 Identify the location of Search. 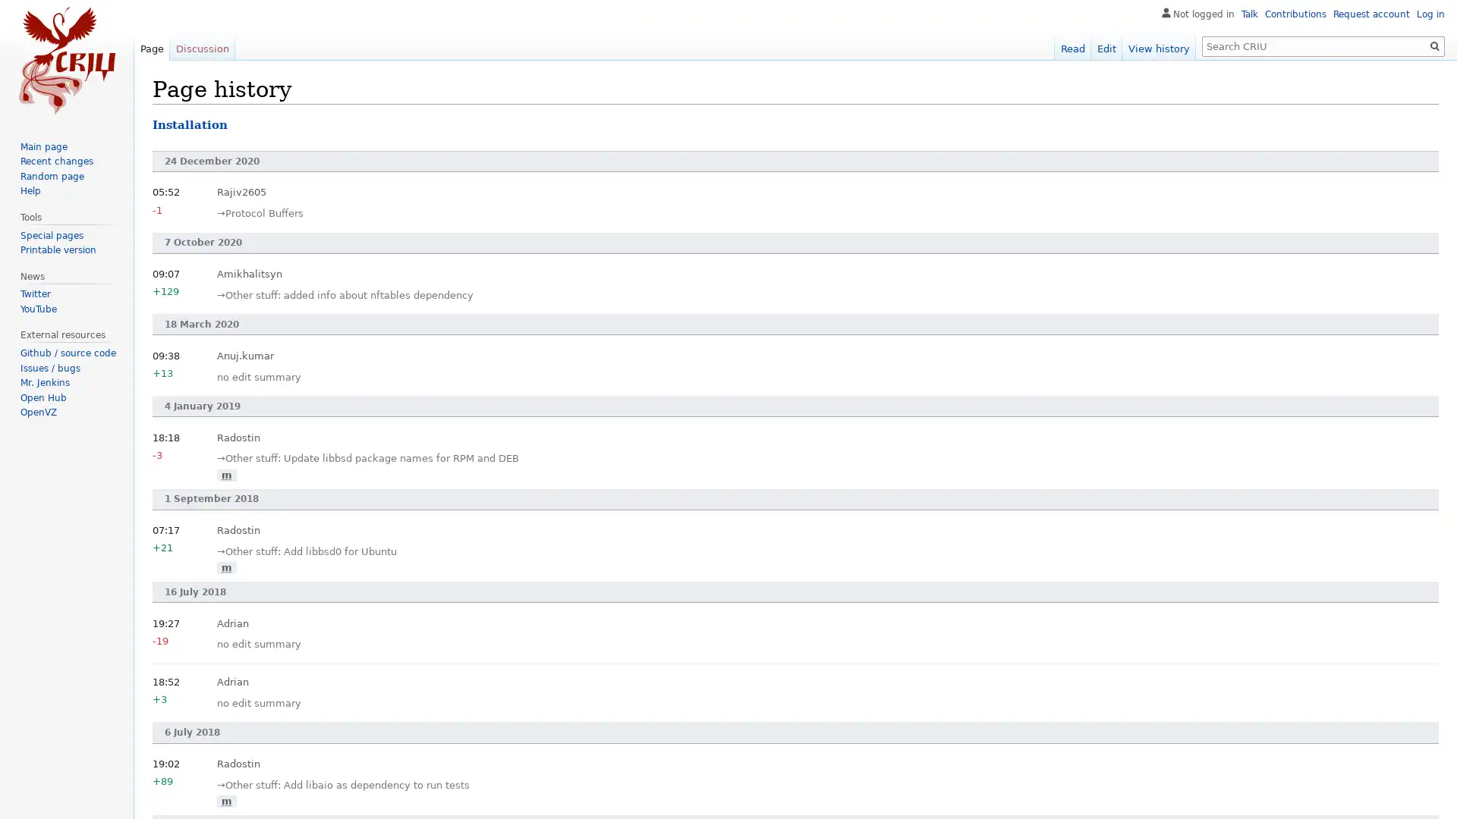
(1434, 45).